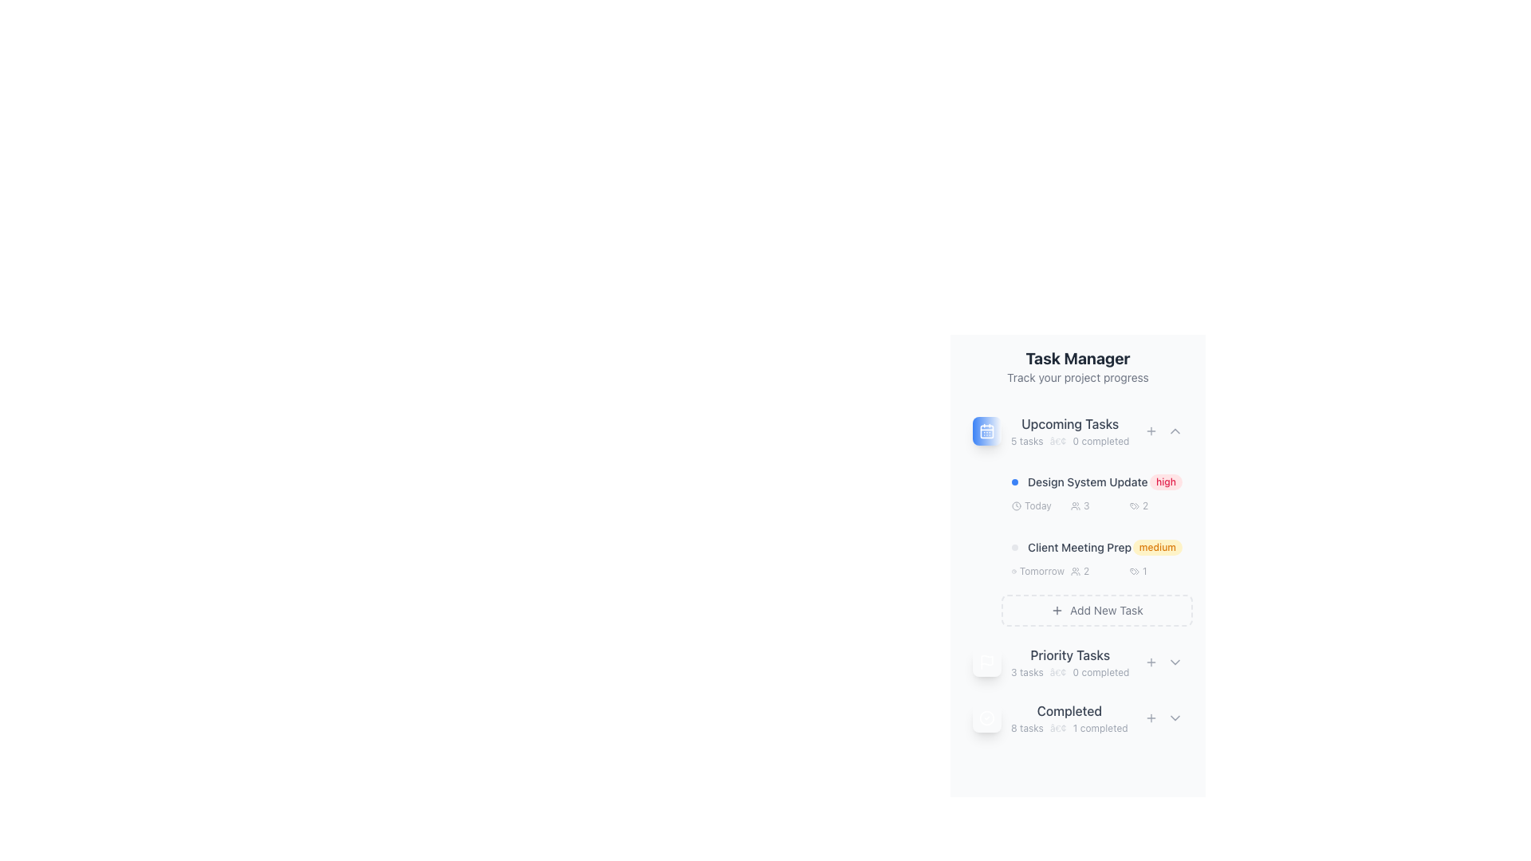 The image size is (1531, 861). Describe the element at coordinates (1096, 544) in the screenshot. I see `the 'medium' priority label badge with yellow background and orange text in the task card for 'Client Meeting Prep' located in the 'Upcoming Tasks' section` at that location.